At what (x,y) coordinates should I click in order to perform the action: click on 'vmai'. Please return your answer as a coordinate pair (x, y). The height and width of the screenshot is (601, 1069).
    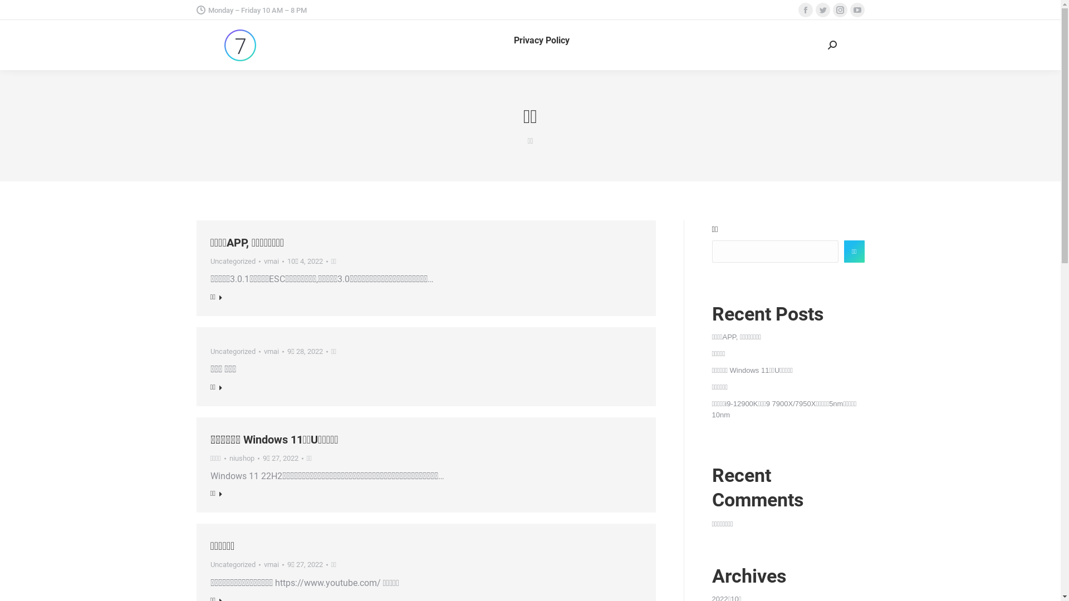
    Looking at the image, I should click on (273, 352).